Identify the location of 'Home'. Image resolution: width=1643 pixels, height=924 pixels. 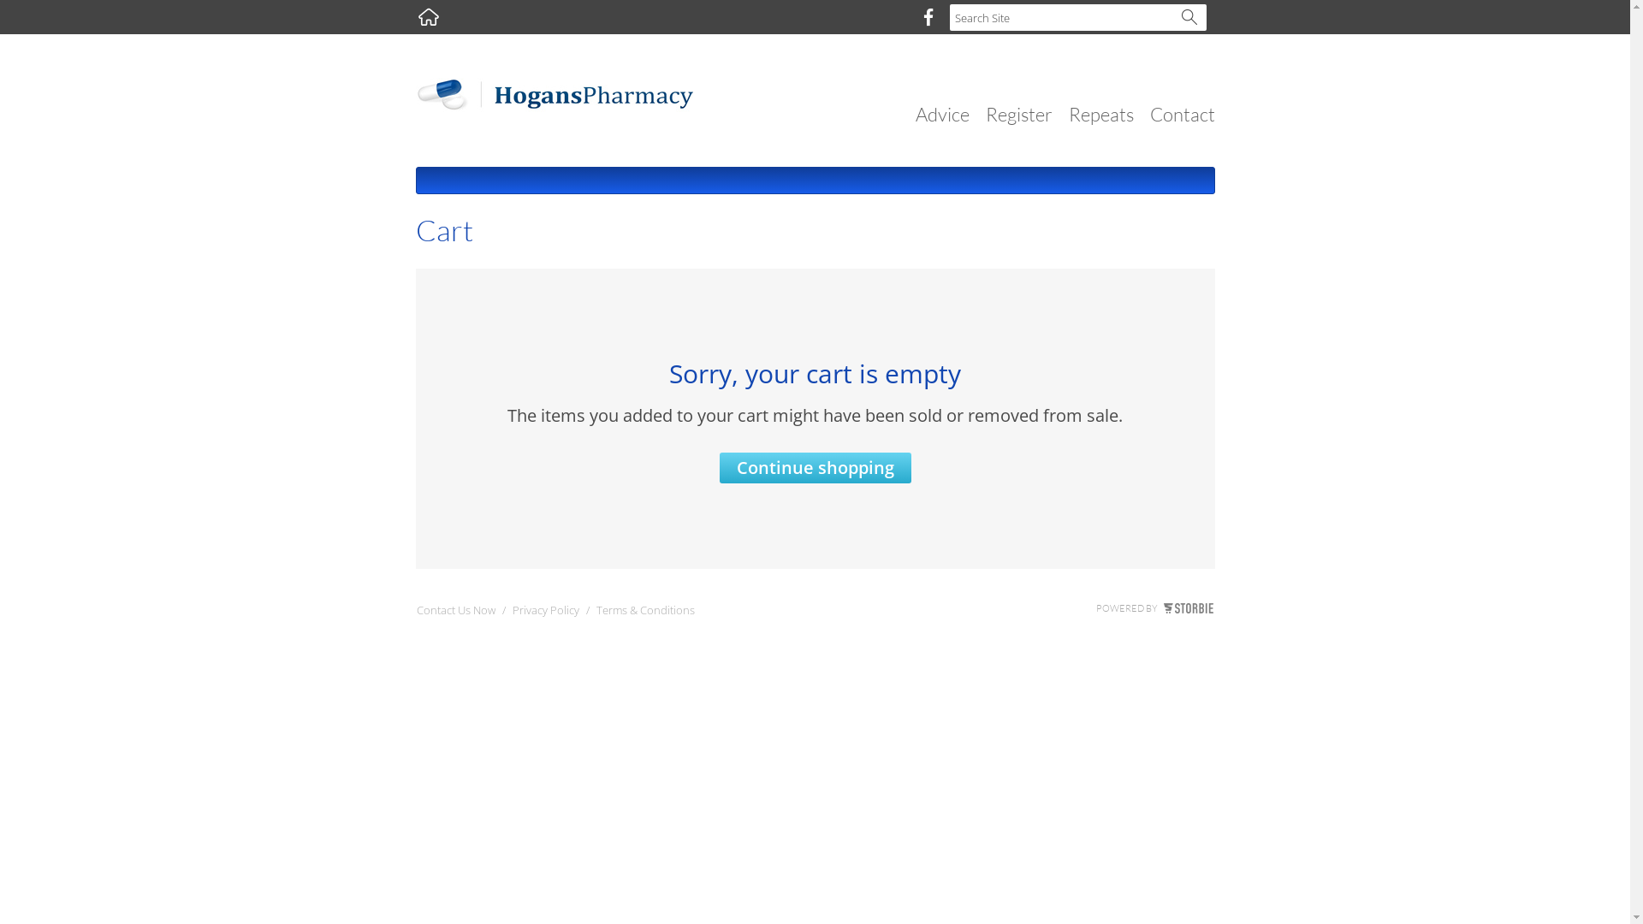
(428, 16).